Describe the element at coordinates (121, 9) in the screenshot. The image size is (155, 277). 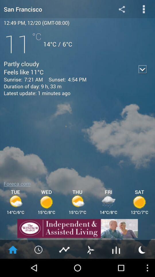
I see `share data` at that location.